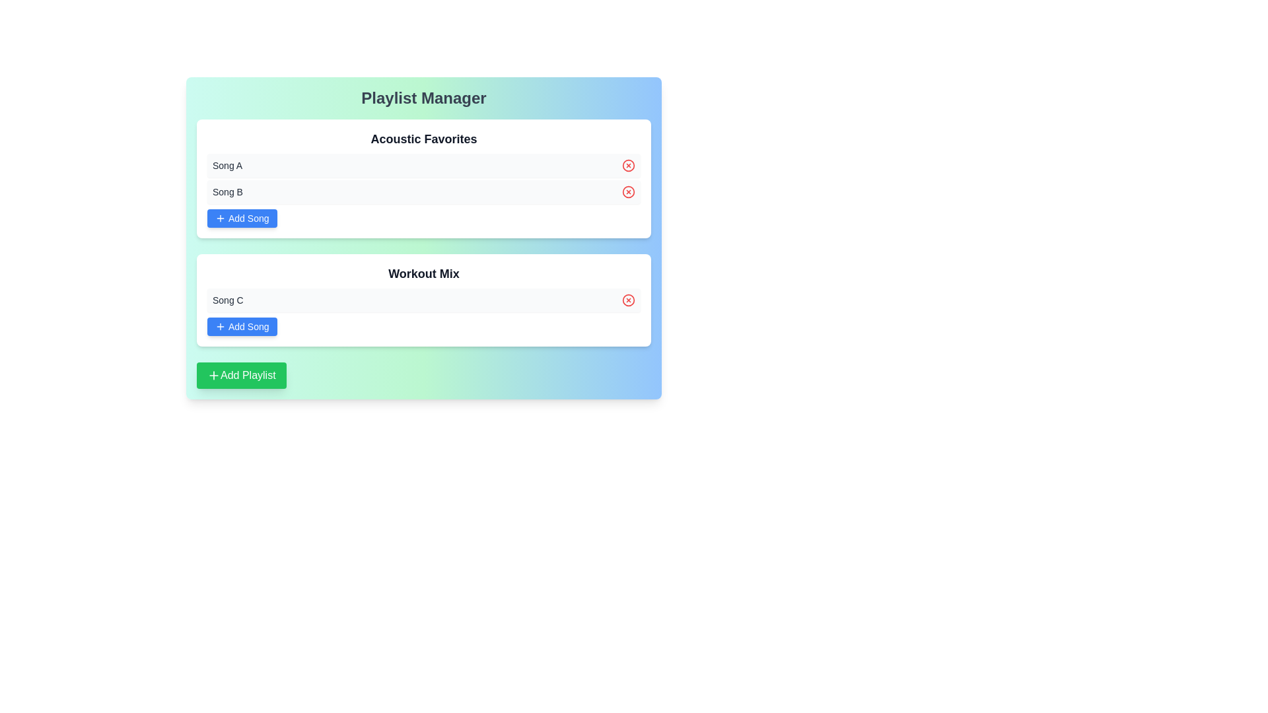 The width and height of the screenshot is (1268, 713). Describe the element at coordinates (228, 300) in the screenshot. I see `the text label displaying 'Song C' in the 'Workout Mix' section, which is the first item in the song list above the 'Add Song' button` at that location.